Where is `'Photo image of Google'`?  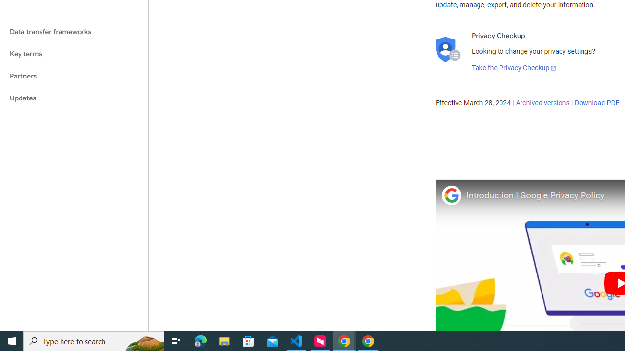 'Photo image of Google' is located at coordinates (451, 195).